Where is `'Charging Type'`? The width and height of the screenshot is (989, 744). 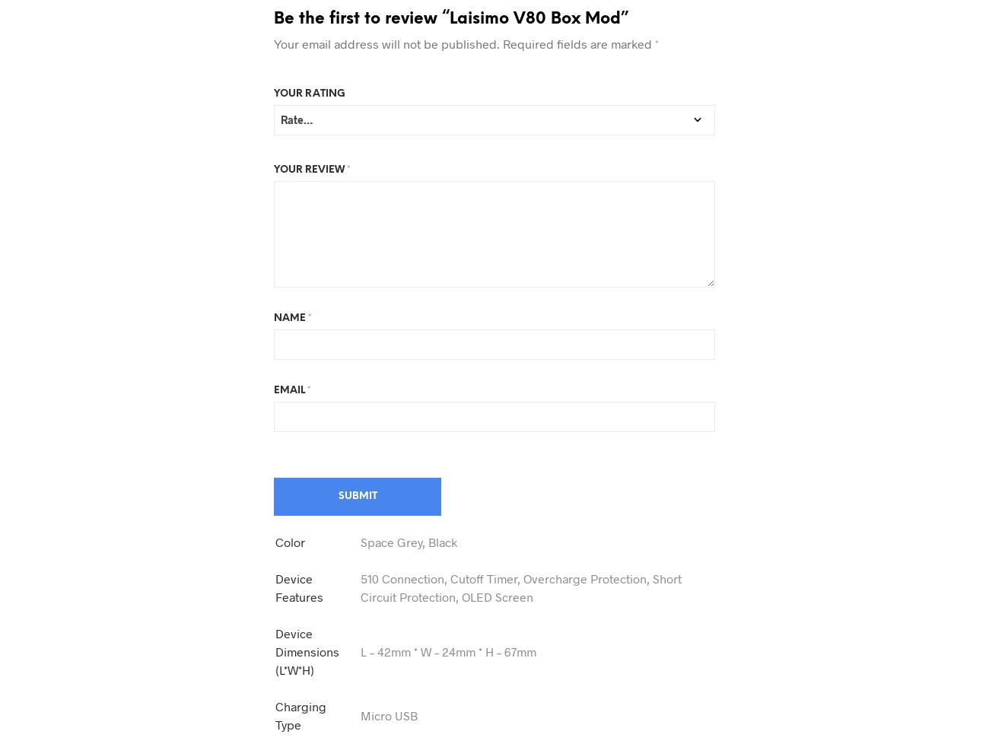
'Charging Type' is located at coordinates (301, 714).